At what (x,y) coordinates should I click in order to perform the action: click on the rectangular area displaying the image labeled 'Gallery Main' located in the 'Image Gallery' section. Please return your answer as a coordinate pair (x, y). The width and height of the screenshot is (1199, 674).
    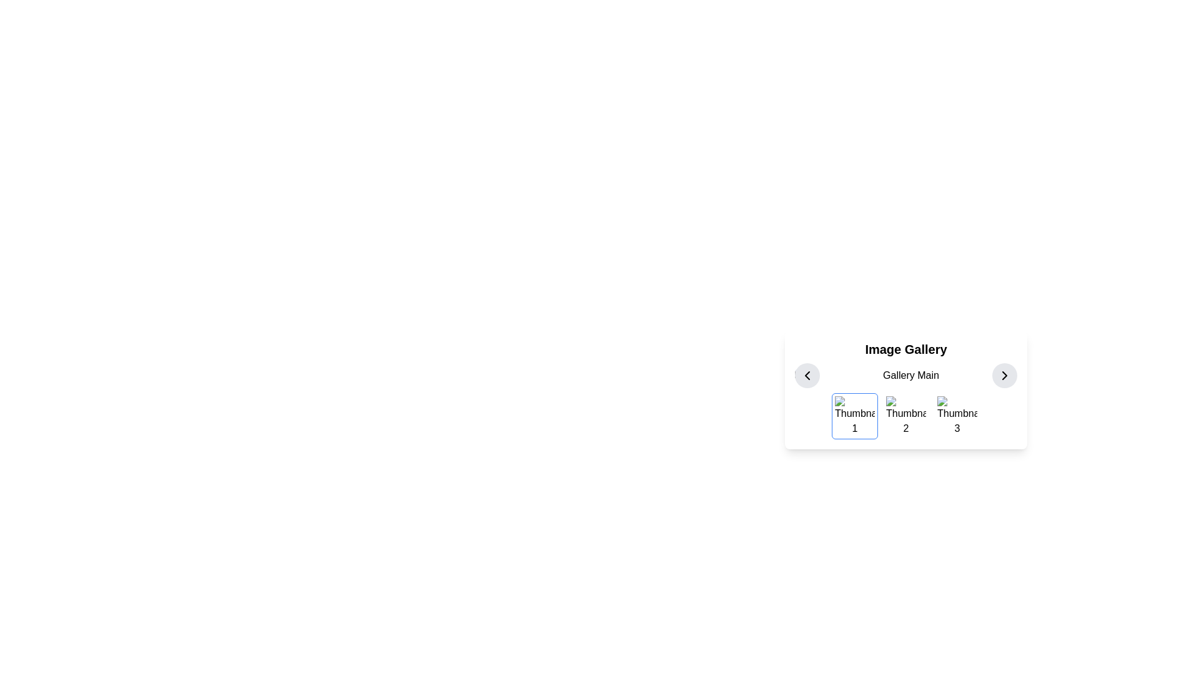
    Looking at the image, I should click on (905, 374).